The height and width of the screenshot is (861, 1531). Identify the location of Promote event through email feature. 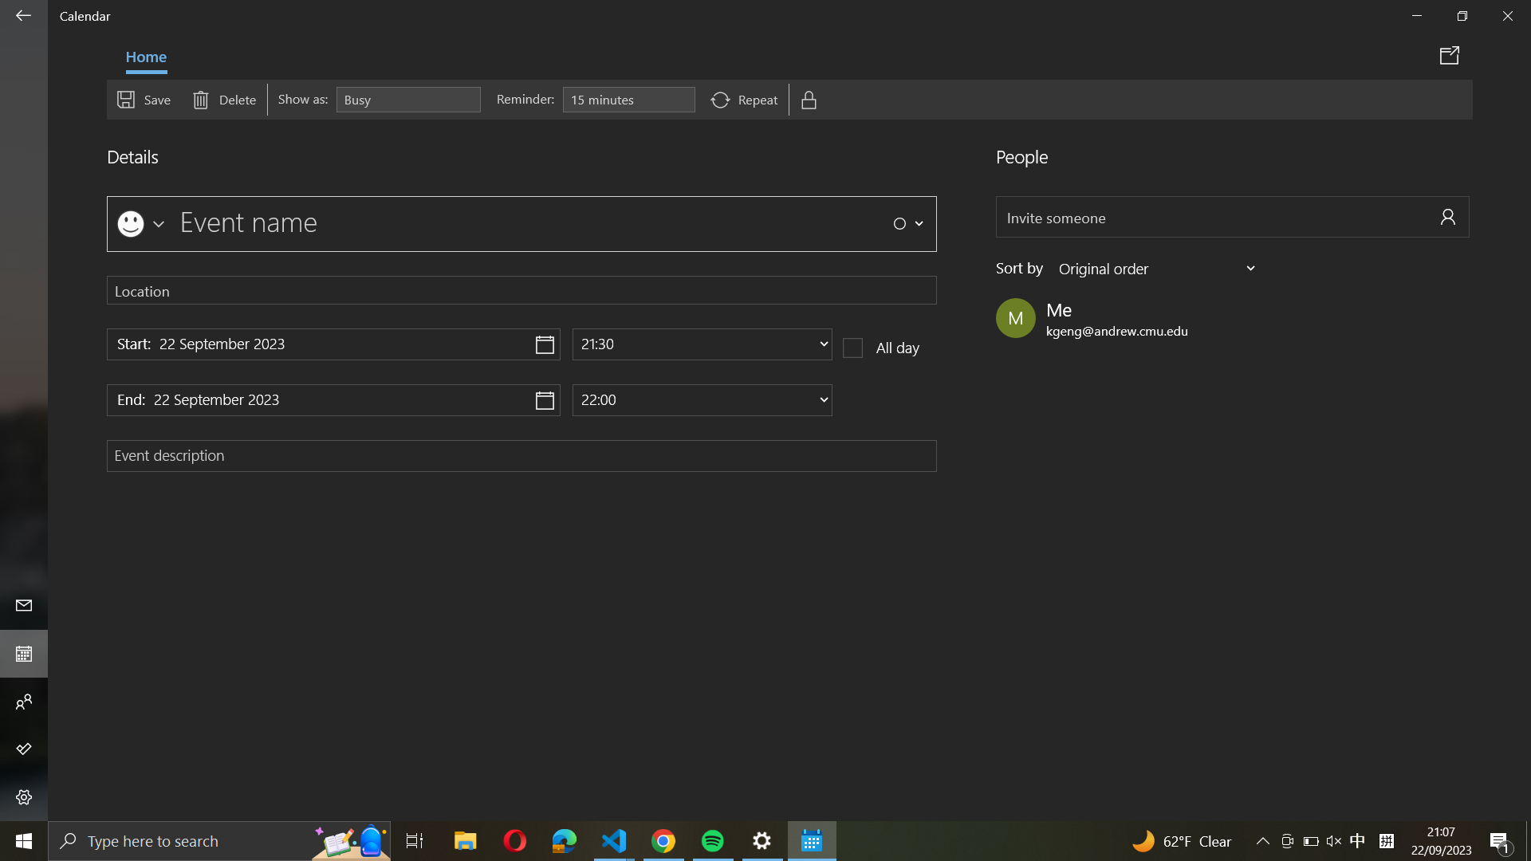
(1452, 54).